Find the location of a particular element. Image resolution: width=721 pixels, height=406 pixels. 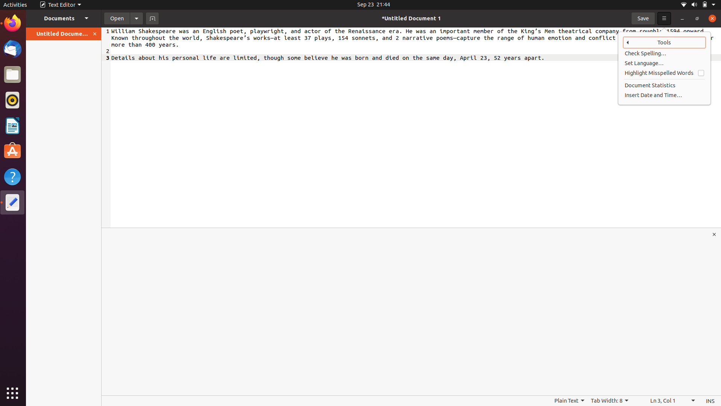

document statistics feature is located at coordinates (664, 84).